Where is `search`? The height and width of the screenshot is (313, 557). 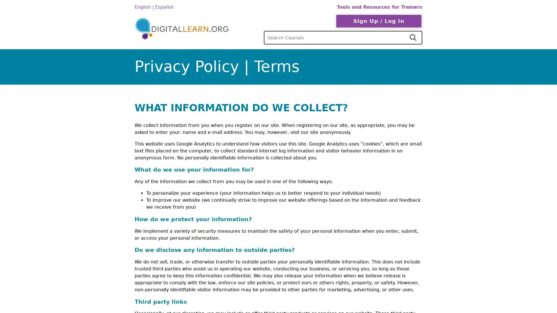
search is located at coordinates (413, 38).